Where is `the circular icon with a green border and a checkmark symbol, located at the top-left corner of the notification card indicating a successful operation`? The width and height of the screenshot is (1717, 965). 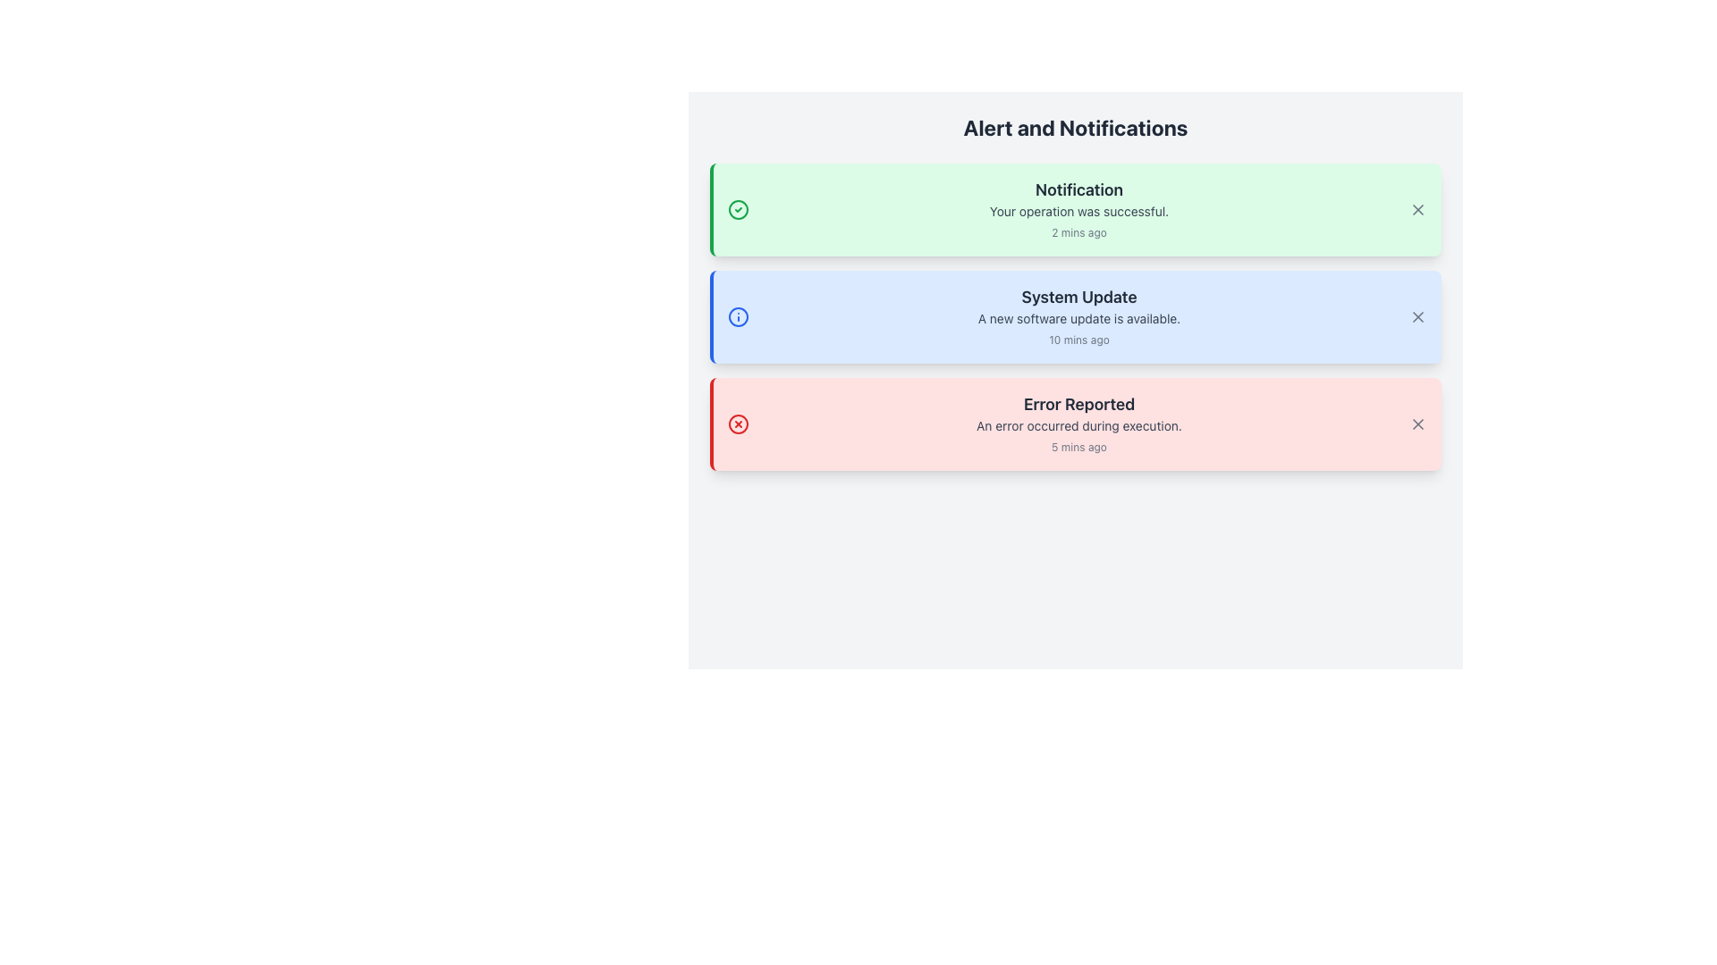 the circular icon with a green border and a checkmark symbol, located at the top-left corner of the notification card indicating a successful operation is located at coordinates (738, 209).